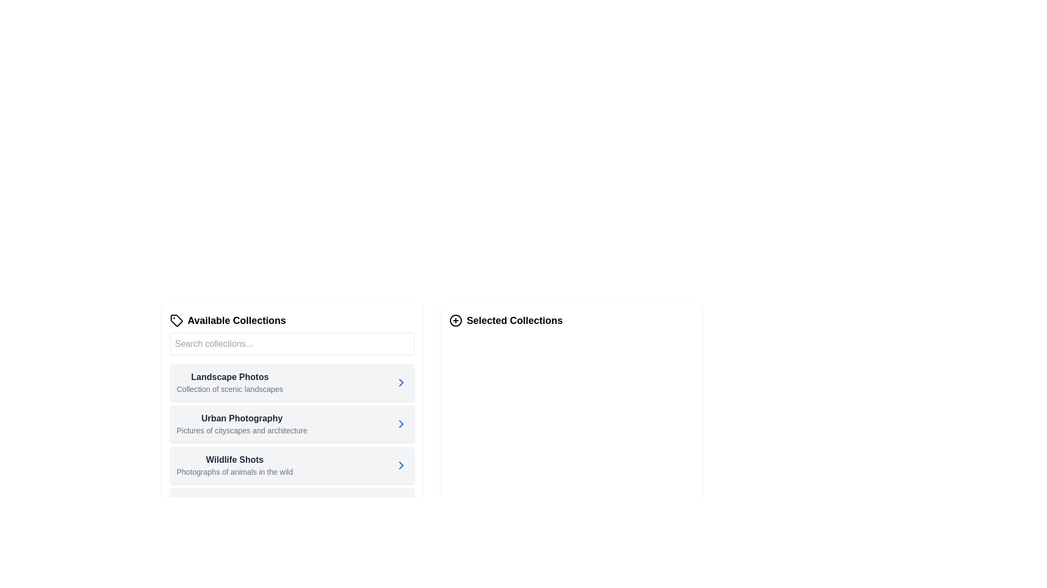 The height and width of the screenshot is (588, 1047). What do you see at coordinates (292, 465) in the screenshot?
I see `the third item in the vertical list of collections titled 'Available Collections'` at bounding box center [292, 465].